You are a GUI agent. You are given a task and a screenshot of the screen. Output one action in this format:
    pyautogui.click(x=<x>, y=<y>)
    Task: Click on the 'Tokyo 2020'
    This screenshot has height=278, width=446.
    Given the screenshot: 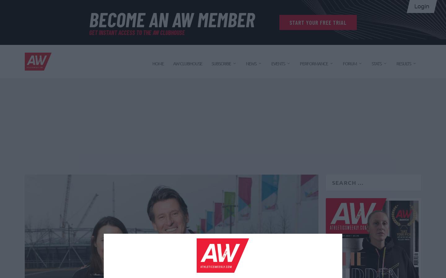 What is the action you would take?
    pyautogui.click(x=274, y=150)
    